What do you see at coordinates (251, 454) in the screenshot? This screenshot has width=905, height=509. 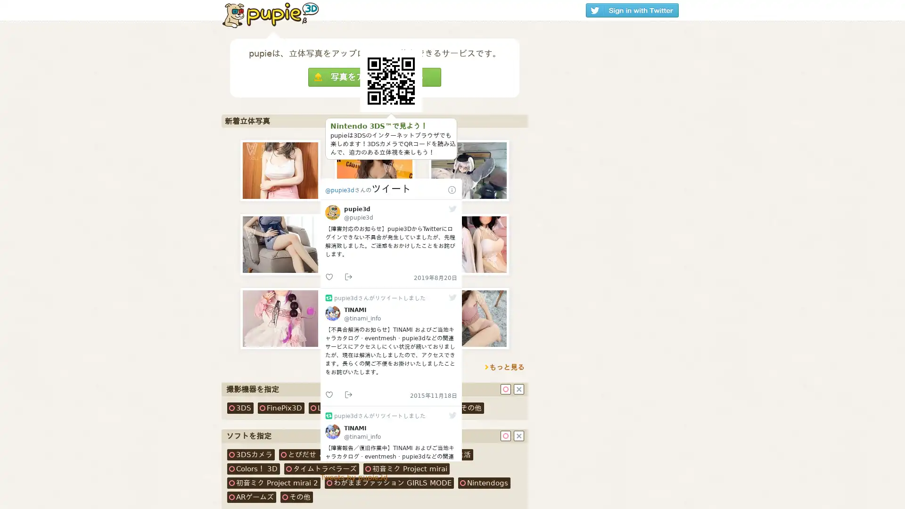 I see `3DS` at bounding box center [251, 454].